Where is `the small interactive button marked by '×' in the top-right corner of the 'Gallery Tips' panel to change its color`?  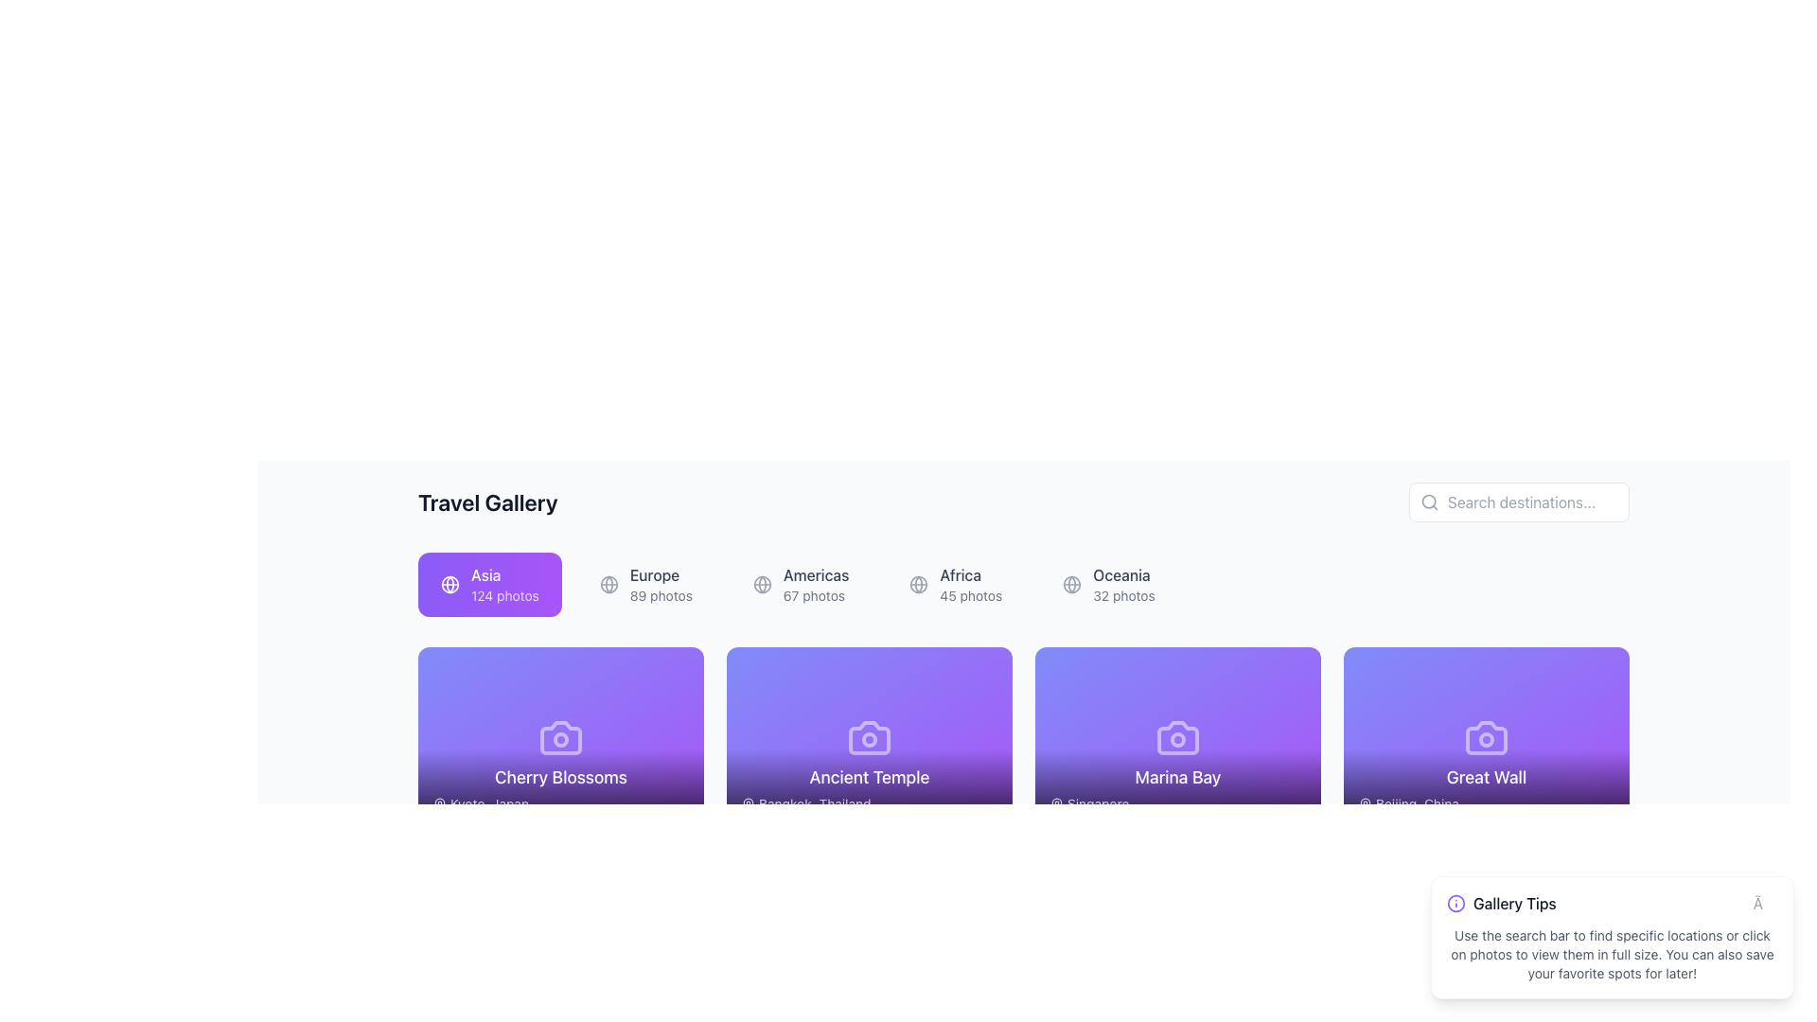
the small interactive button marked by '×' in the top-right corner of the 'Gallery Tips' panel to change its color is located at coordinates (1764, 903).